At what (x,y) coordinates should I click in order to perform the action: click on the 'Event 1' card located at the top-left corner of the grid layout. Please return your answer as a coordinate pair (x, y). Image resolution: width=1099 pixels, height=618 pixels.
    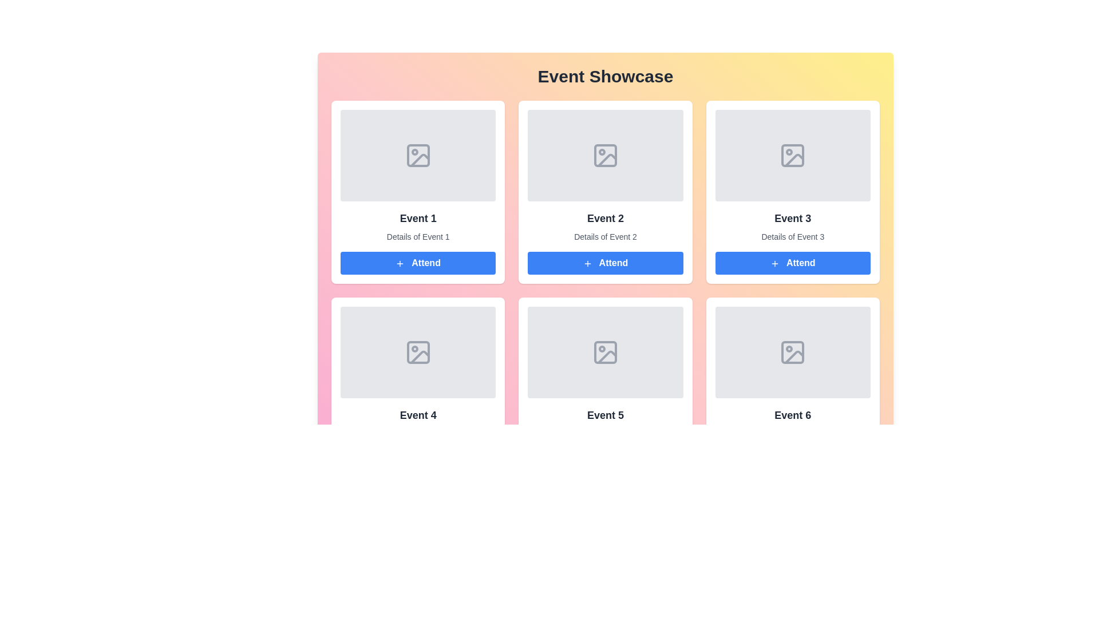
    Looking at the image, I should click on (417, 191).